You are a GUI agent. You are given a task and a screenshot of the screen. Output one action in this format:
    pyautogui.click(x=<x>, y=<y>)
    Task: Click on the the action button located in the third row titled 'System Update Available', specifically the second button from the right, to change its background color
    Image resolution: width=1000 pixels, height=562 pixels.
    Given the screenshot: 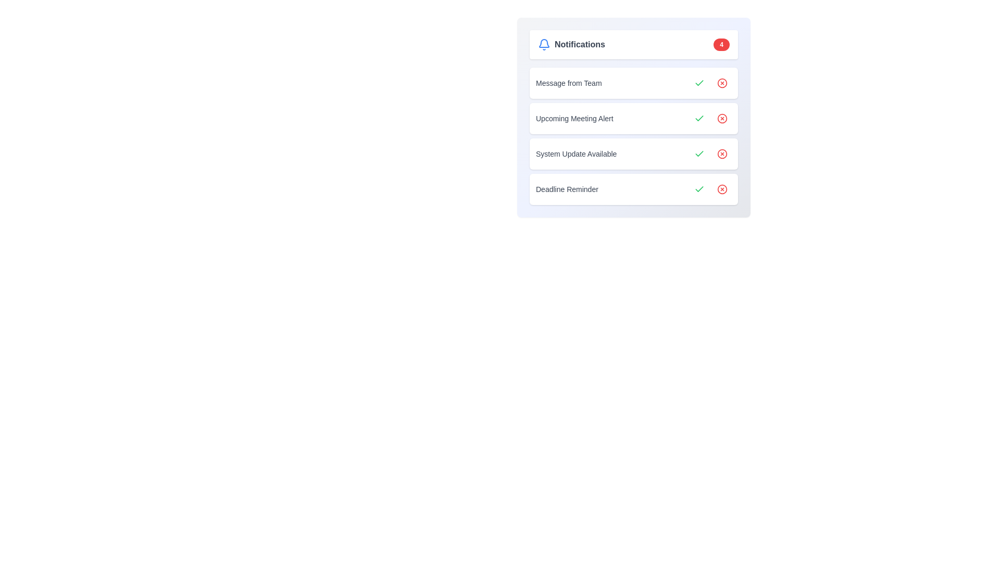 What is the action you would take?
    pyautogui.click(x=722, y=154)
    